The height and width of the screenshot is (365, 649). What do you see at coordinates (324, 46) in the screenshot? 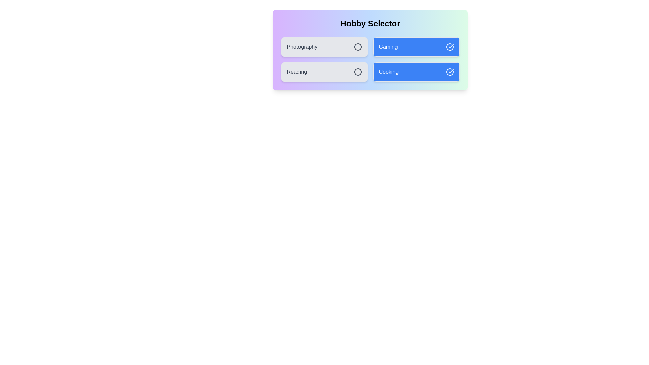
I see `the item labeled Photography` at bounding box center [324, 46].